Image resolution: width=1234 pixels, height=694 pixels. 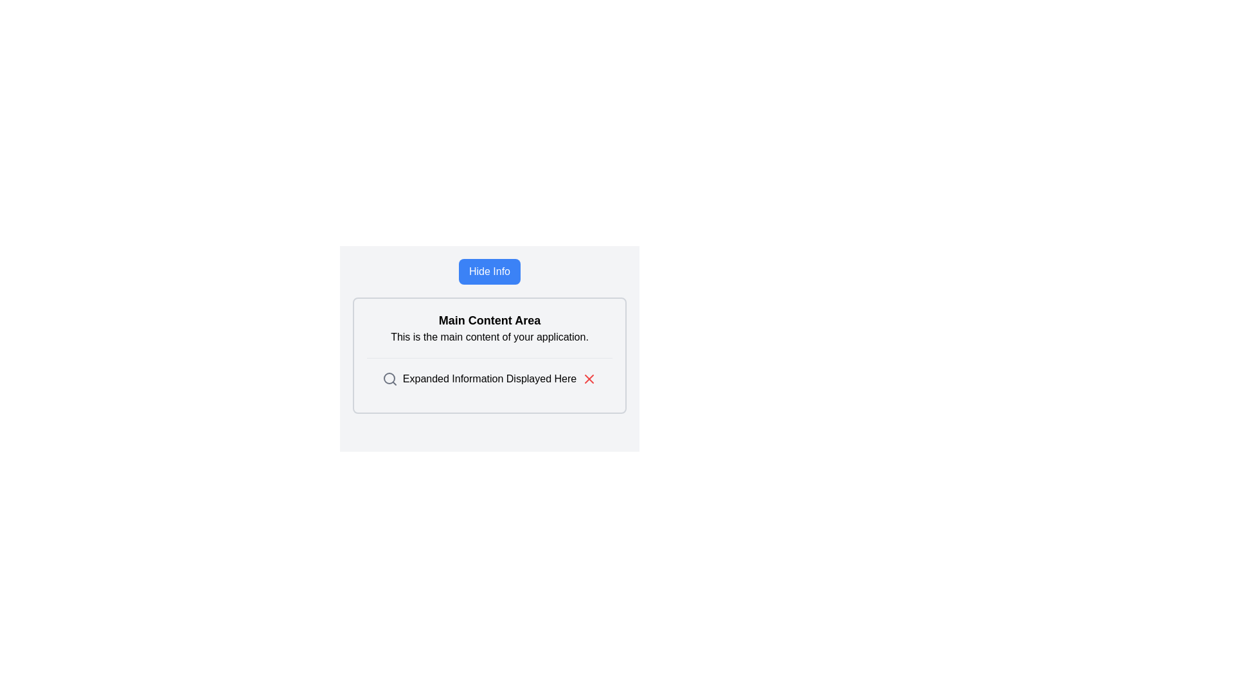 What do you see at coordinates (489, 336) in the screenshot?
I see `the static text element reading 'This is the main content of your application.' which is located beneath the heading 'Main Content Area.'` at bounding box center [489, 336].